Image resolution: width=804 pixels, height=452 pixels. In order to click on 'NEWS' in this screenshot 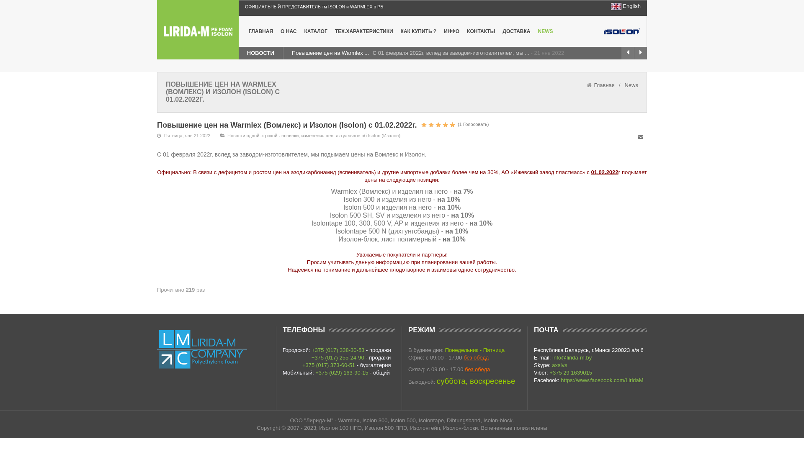, I will do `click(545, 31)`.